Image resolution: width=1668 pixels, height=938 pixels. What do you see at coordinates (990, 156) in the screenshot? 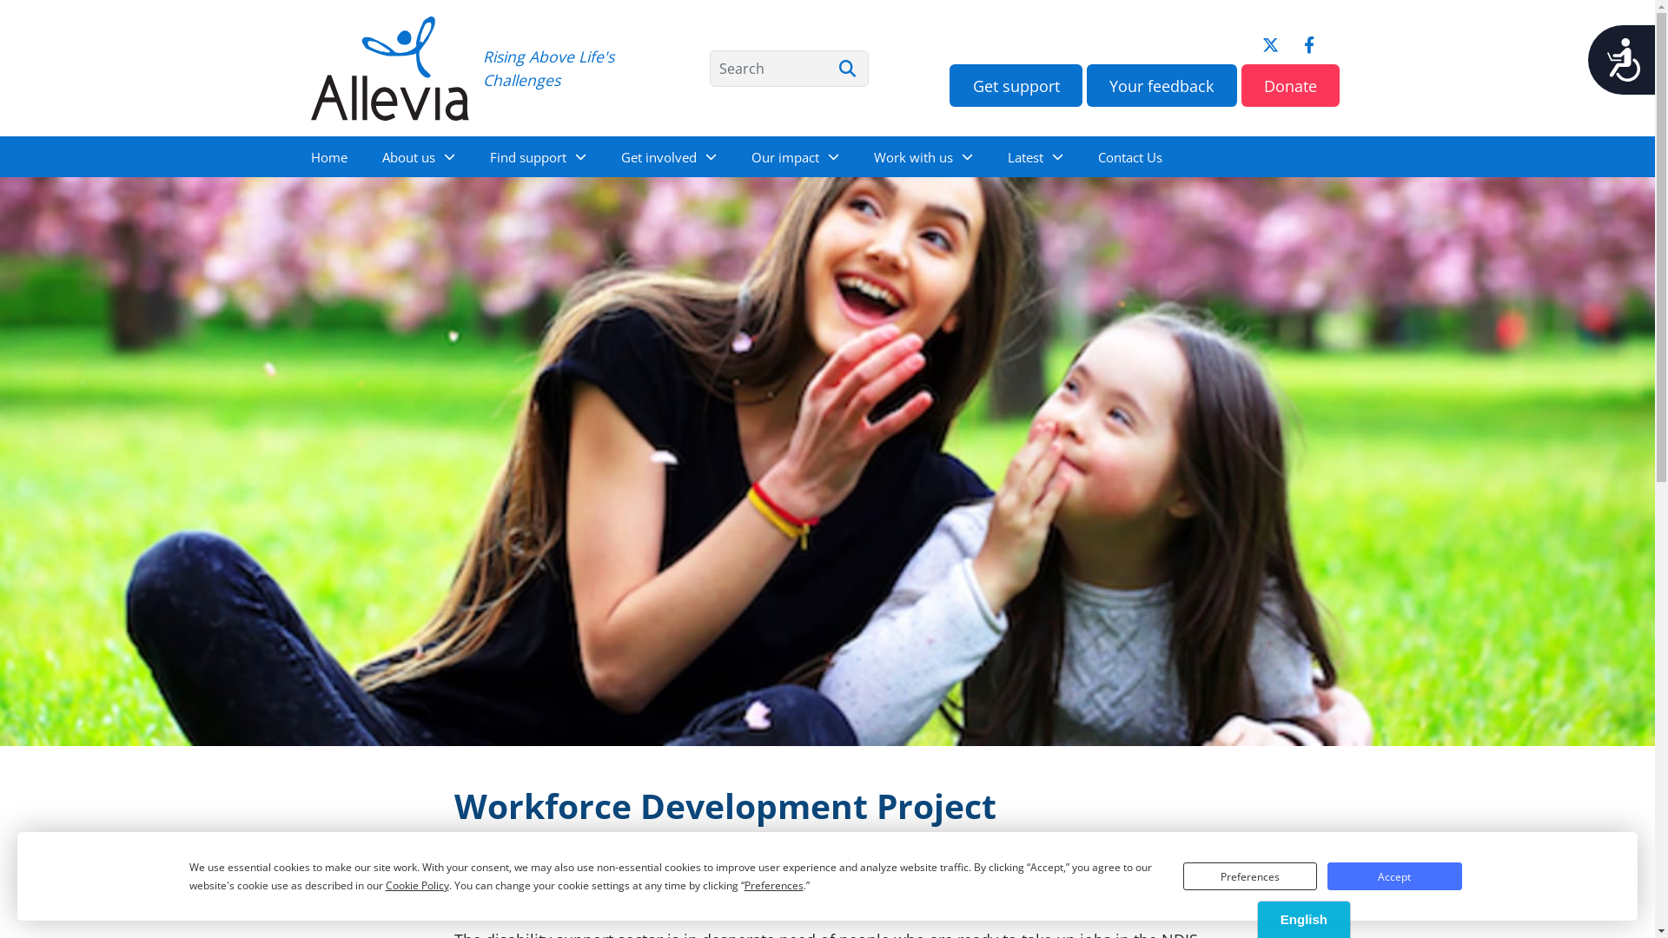
I see `'Latest'` at bounding box center [990, 156].